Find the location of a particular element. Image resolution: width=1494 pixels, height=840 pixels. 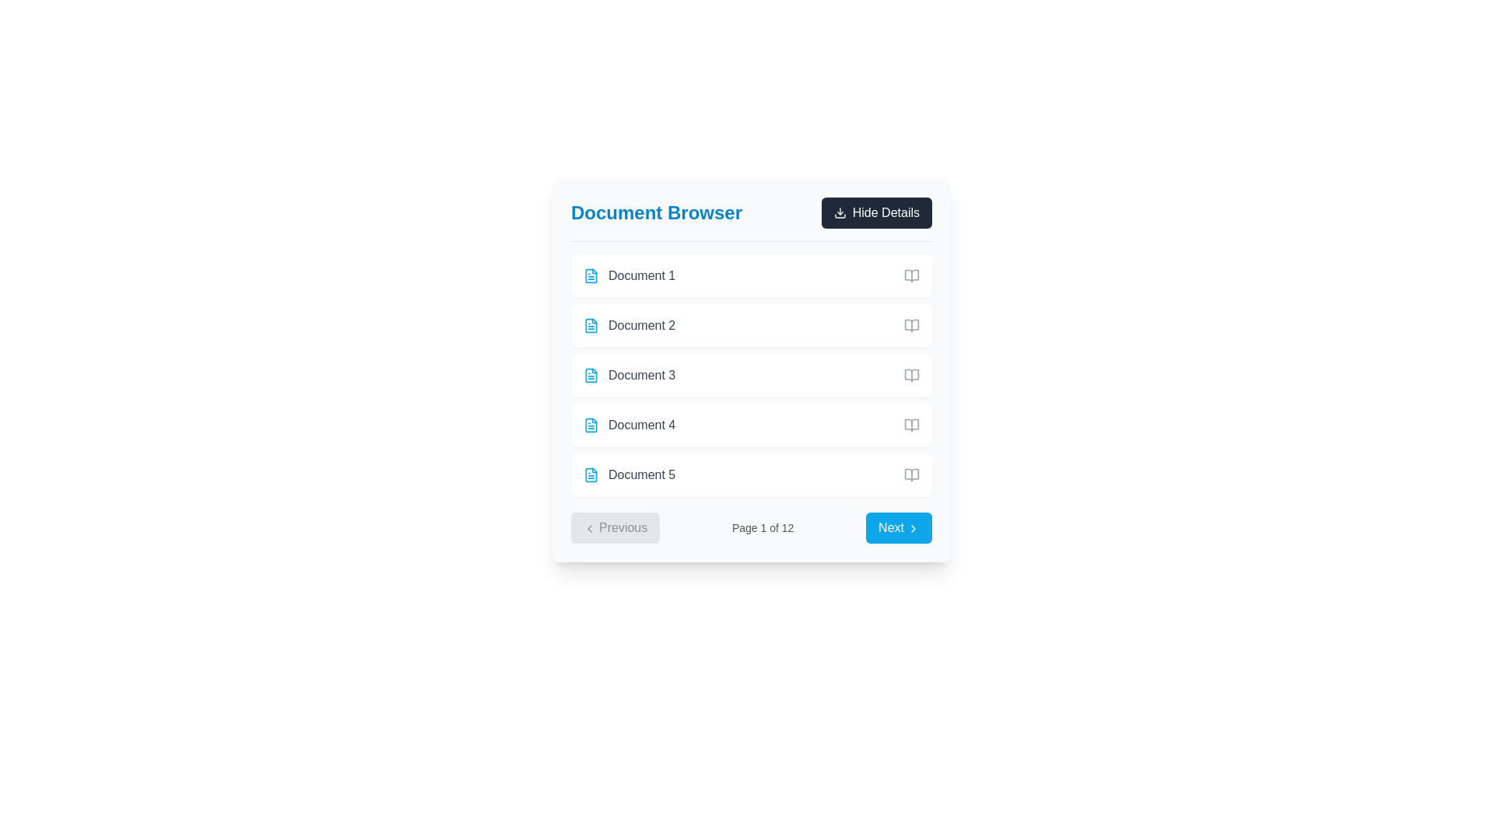

the Icon Button located in the 'Document Browser' panel, specifically the rightmost element in the row titled 'Document 1', to change its color is located at coordinates (911, 275).